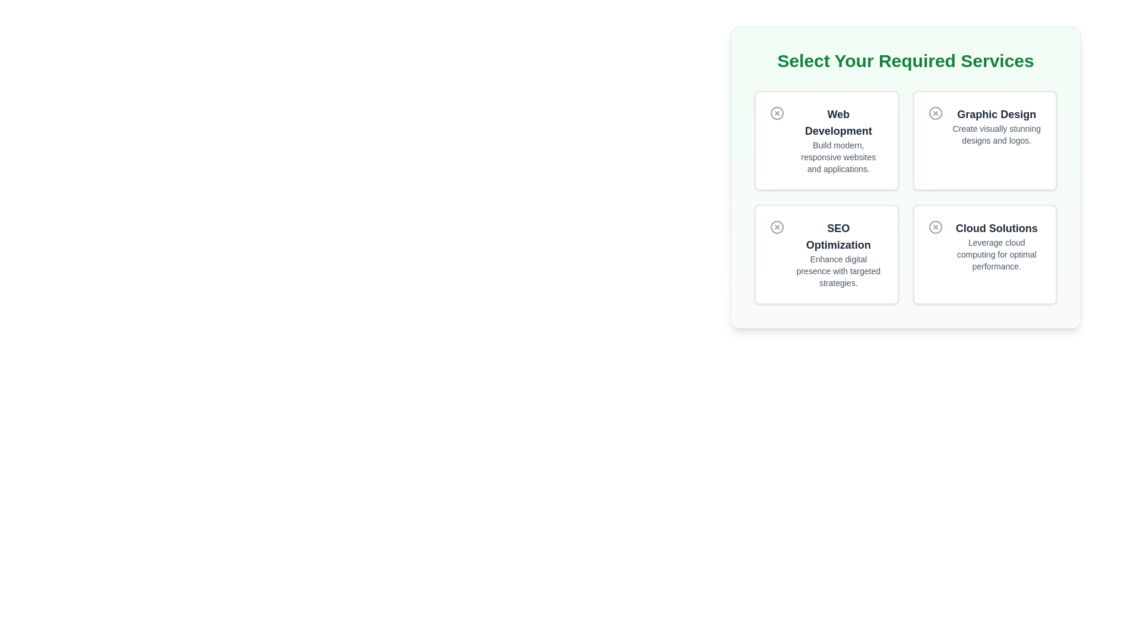 The image size is (1140, 641). I want to click on the 'Cloud Solutions' interactive card located at the bottom-right of the 2x2 grid layout, so click(984, 253).